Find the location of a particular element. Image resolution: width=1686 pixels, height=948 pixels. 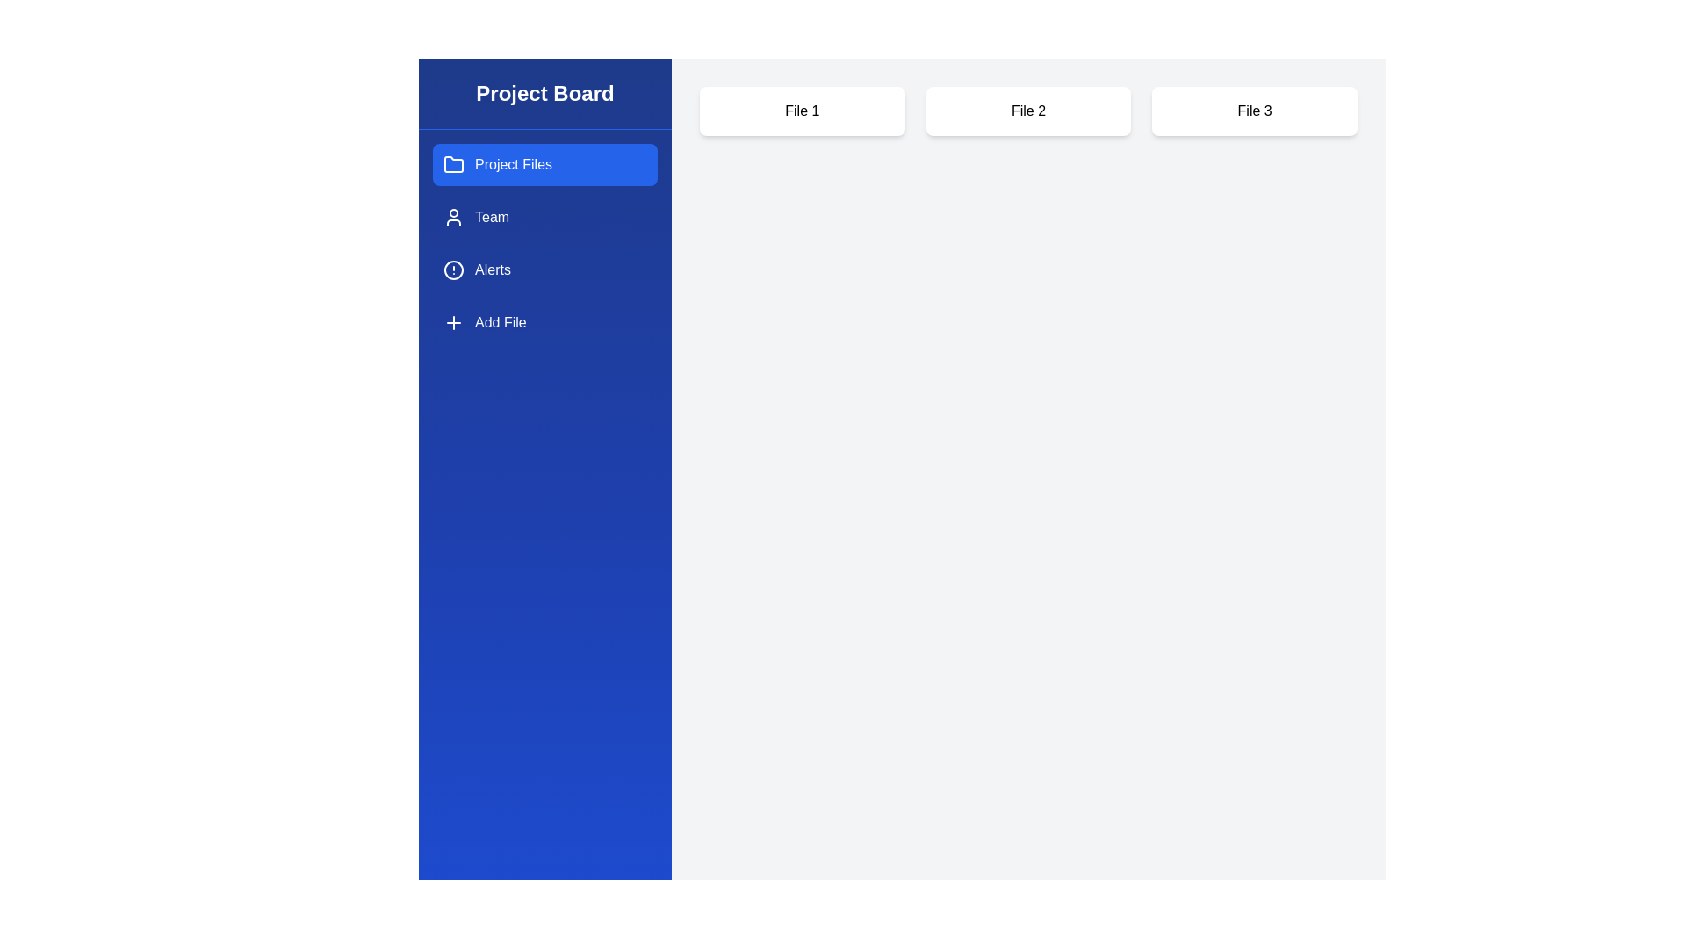

the 'Add File' icon located in the left sidebar, below the 'Alerts' option, which serves as a visual indicator for adding new files is located at coordinates (454, 322).